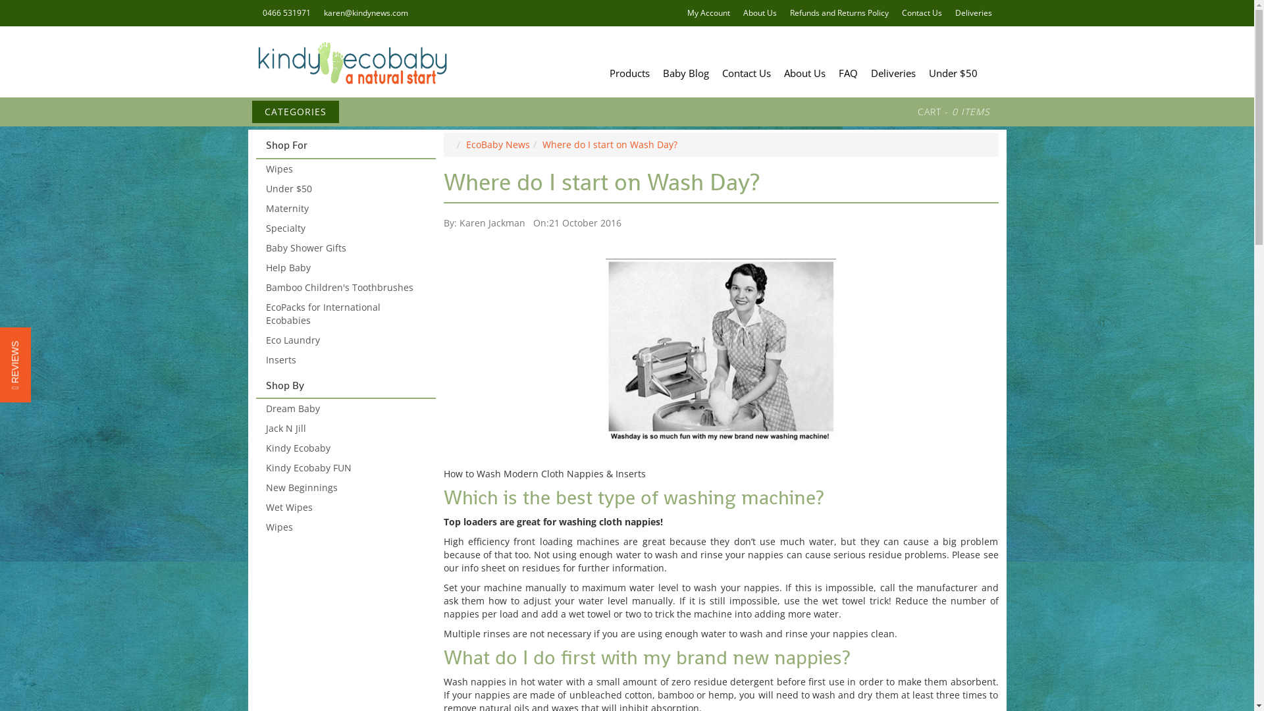 This screenshot has height=711, width=1264. What do you see at coordinates (345, 339) in the screenshot?
I see `'Eco Laundry'` at bounding box center [345, 339].